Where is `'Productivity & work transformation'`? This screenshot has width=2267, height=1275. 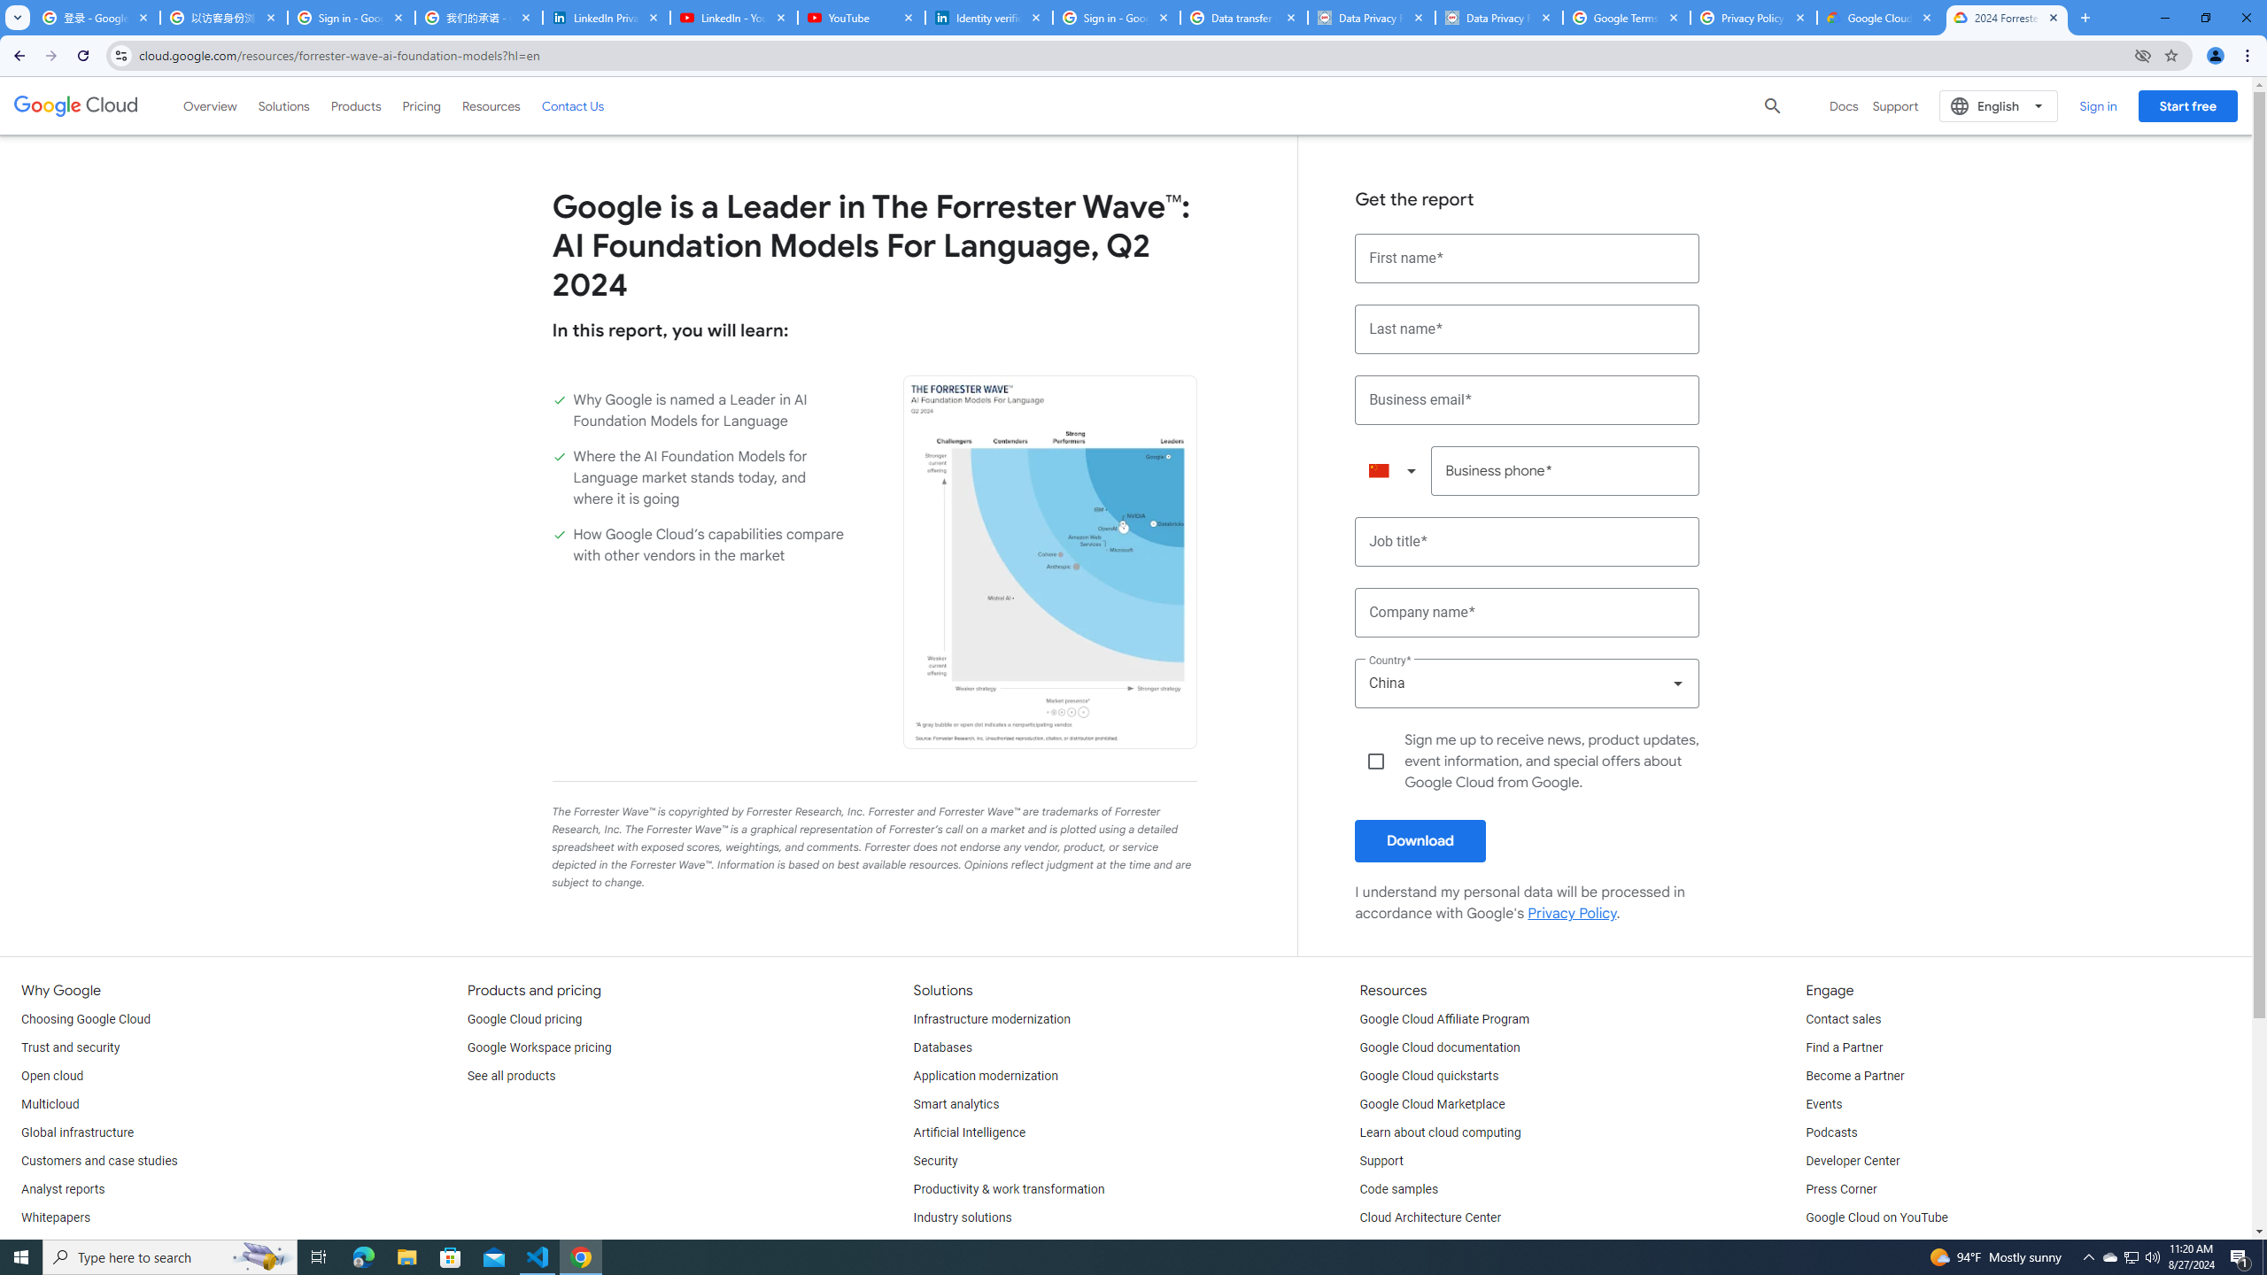 'Productivity & work transformation' is located at coordinates (1010, 1189).